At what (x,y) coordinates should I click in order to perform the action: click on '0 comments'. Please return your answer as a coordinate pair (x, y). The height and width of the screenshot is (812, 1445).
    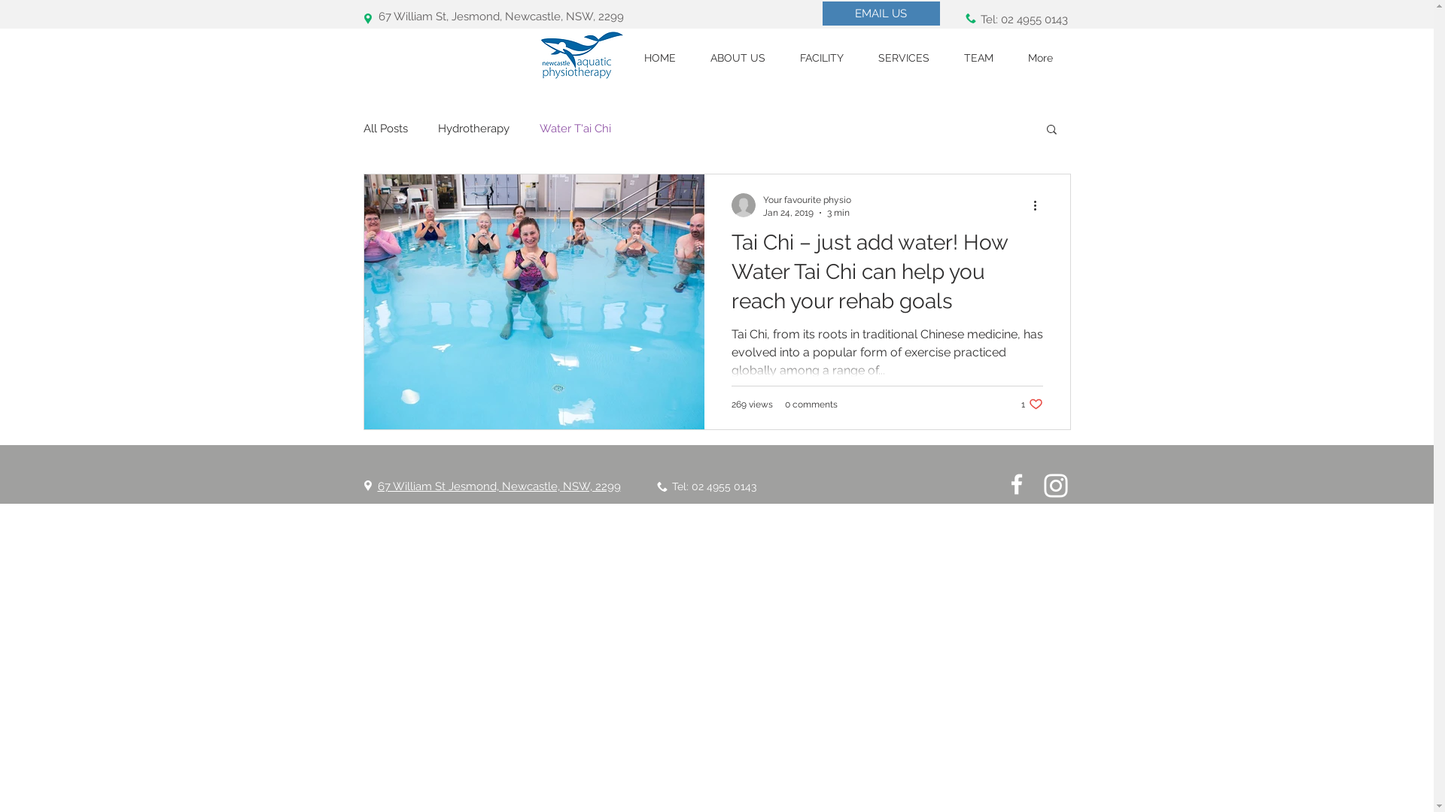
    Looking at the image, I should click on (809, 402).